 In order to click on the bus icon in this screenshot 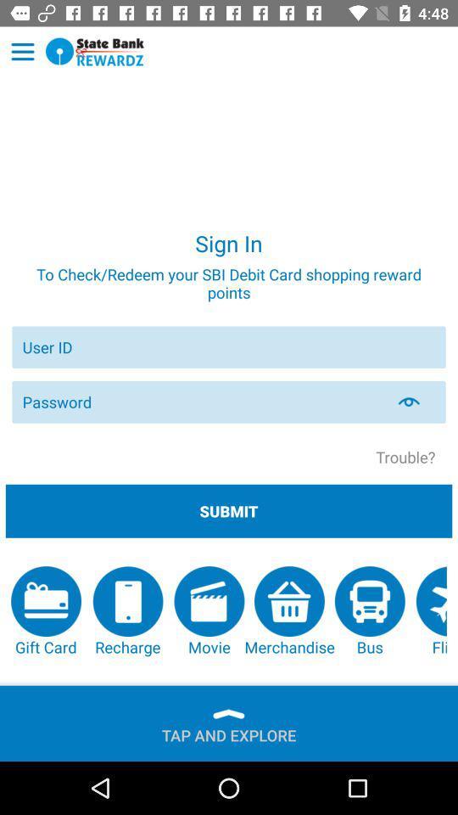, I will do `click(369, 611)`.